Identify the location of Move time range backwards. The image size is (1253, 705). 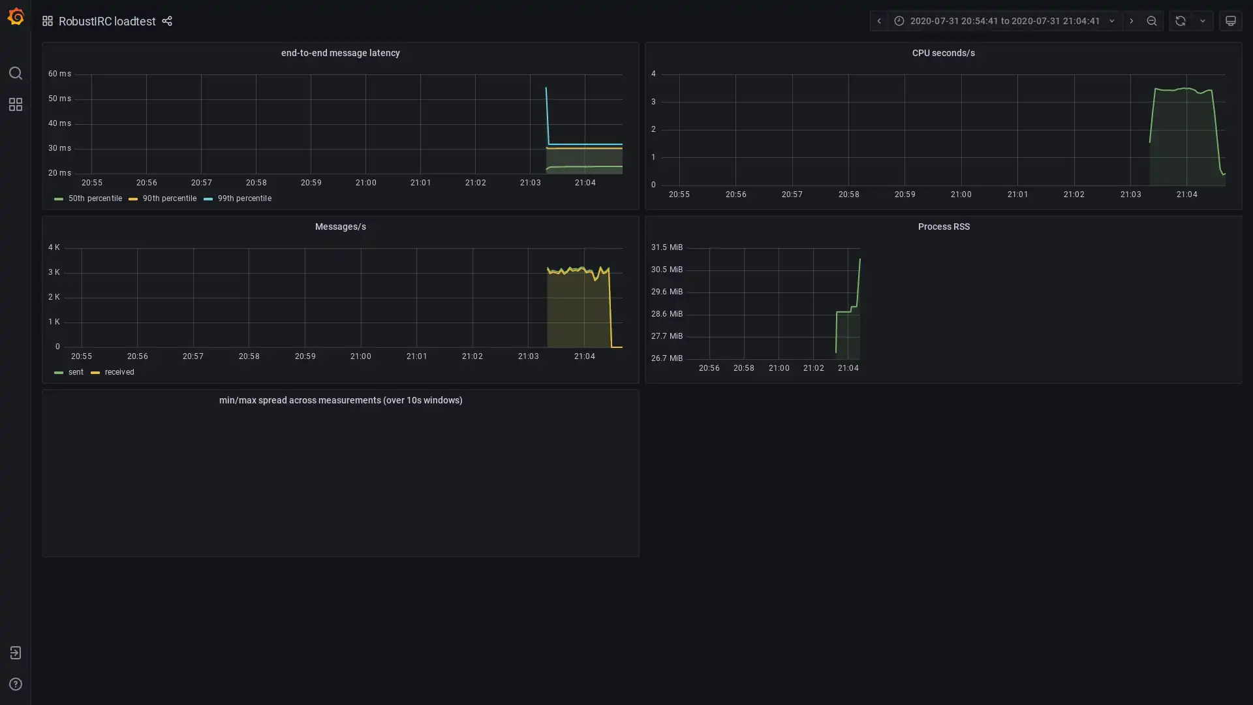
(878, 20).